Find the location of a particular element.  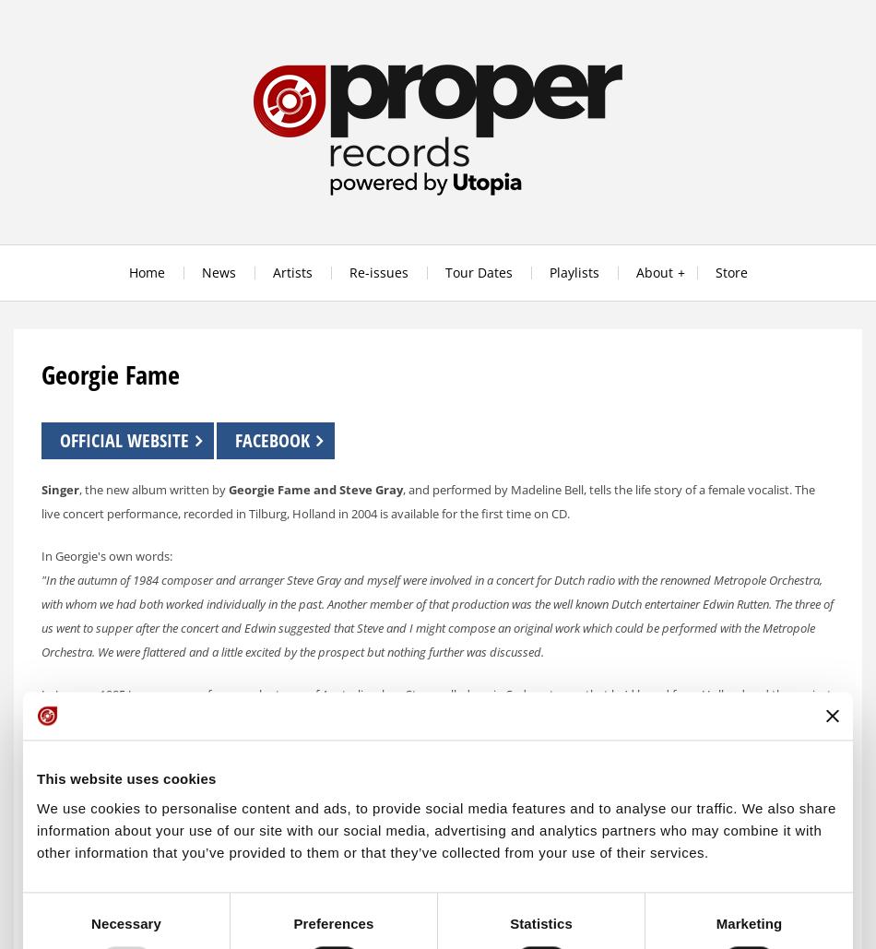

'cookies to watch this video.' is located at coordinates (454, 874).